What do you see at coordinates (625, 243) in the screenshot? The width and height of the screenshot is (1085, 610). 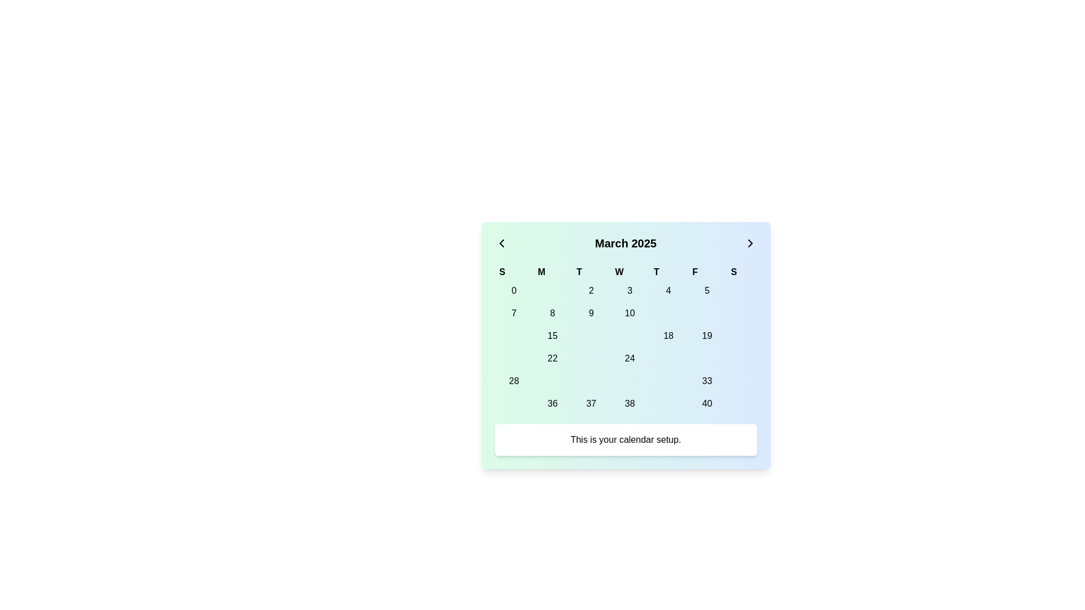 I see `the Text Label displaying the current month and year in the calendar interface, located at the center of the horizontal row near the top, between navigational buttons` at bounding box center [625, 243].